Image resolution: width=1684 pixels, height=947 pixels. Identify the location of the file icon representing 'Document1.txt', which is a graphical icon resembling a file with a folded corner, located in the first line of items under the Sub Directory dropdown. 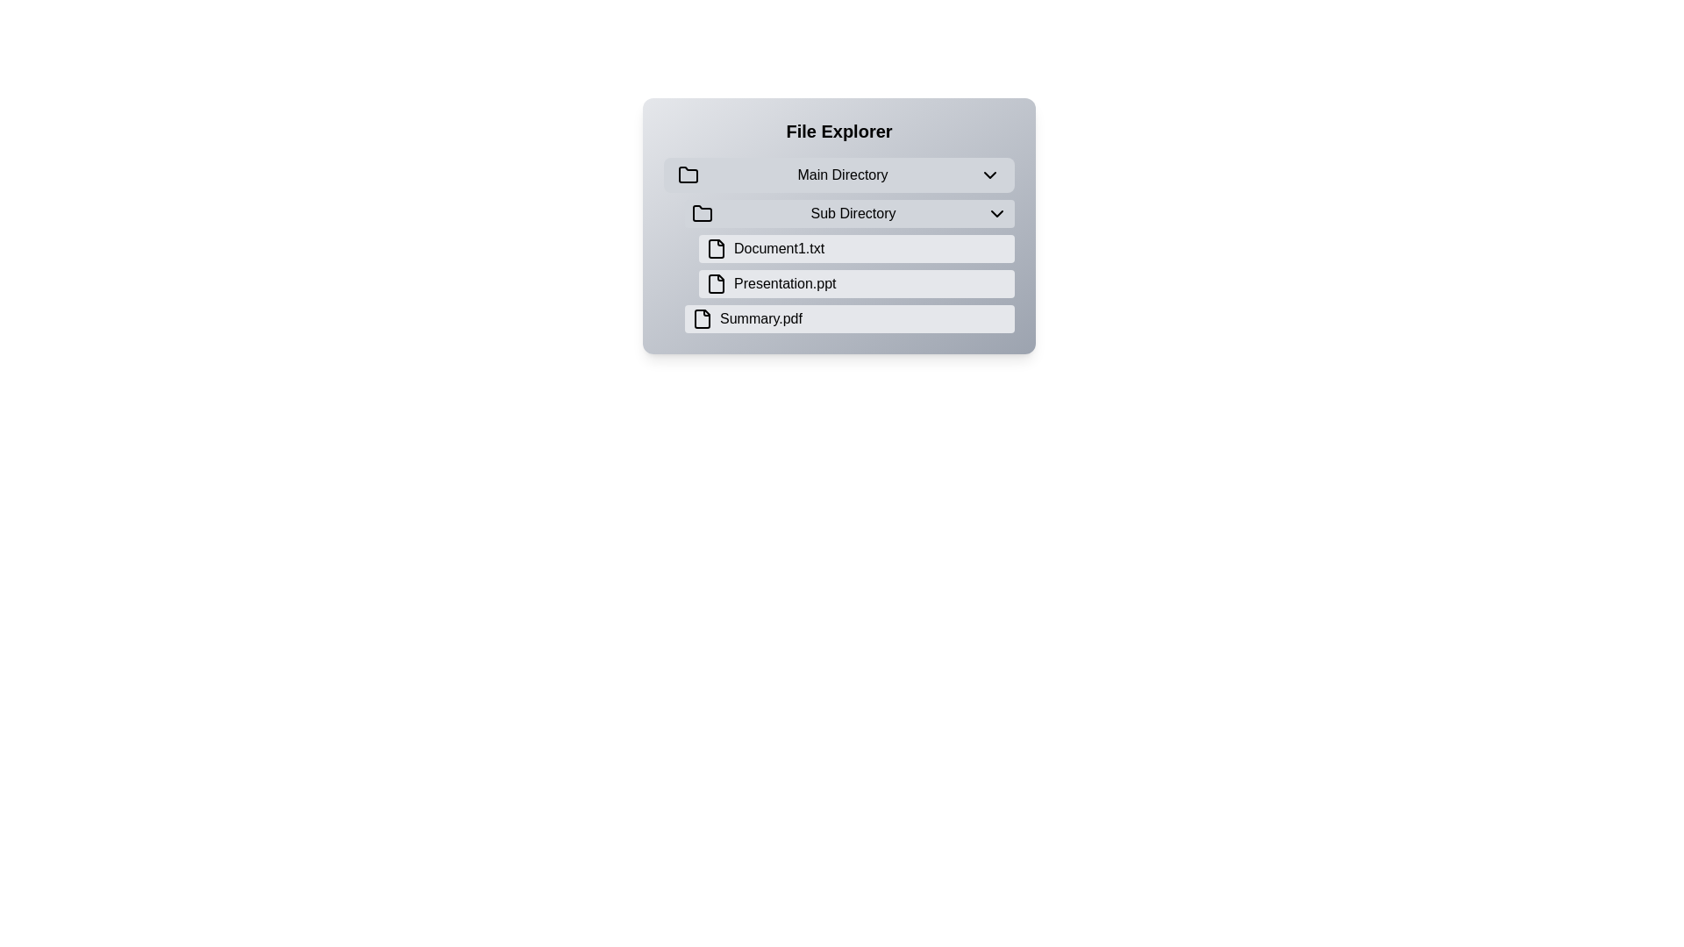
(716, 249).